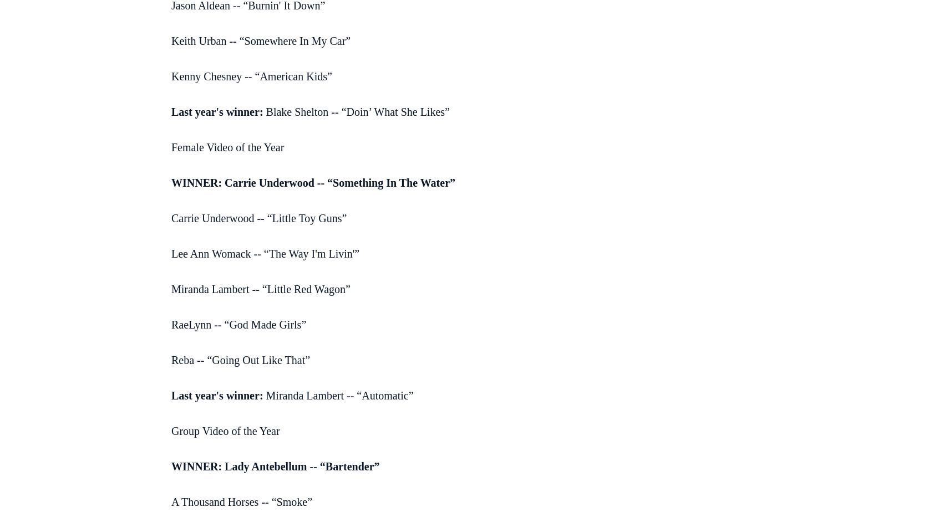  Describe the element at coordinates (238, 324) in the screenshot. I see `'RaeLynn -- “God Made Girls”'` at that location.